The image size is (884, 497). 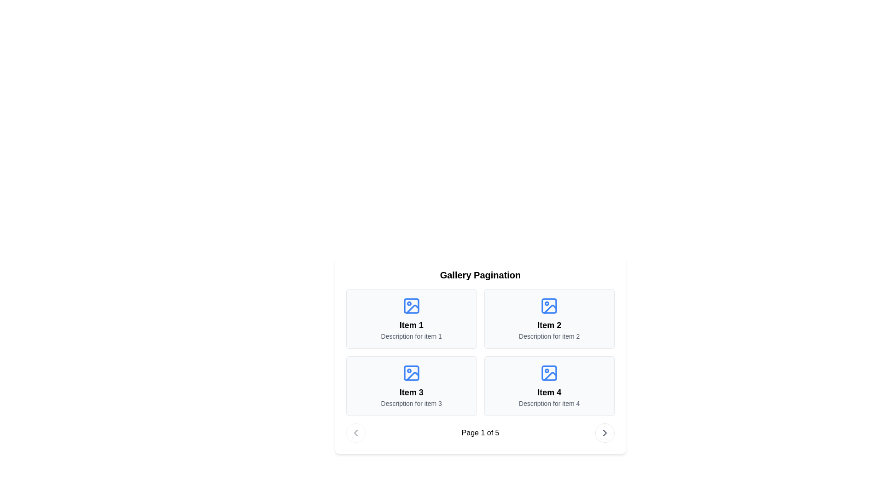 What do you see at coordinates (605, 433) in the screenshot?
I see `the rightward arrow button at the bottom center of the interface` at bounding box center [605, 433].